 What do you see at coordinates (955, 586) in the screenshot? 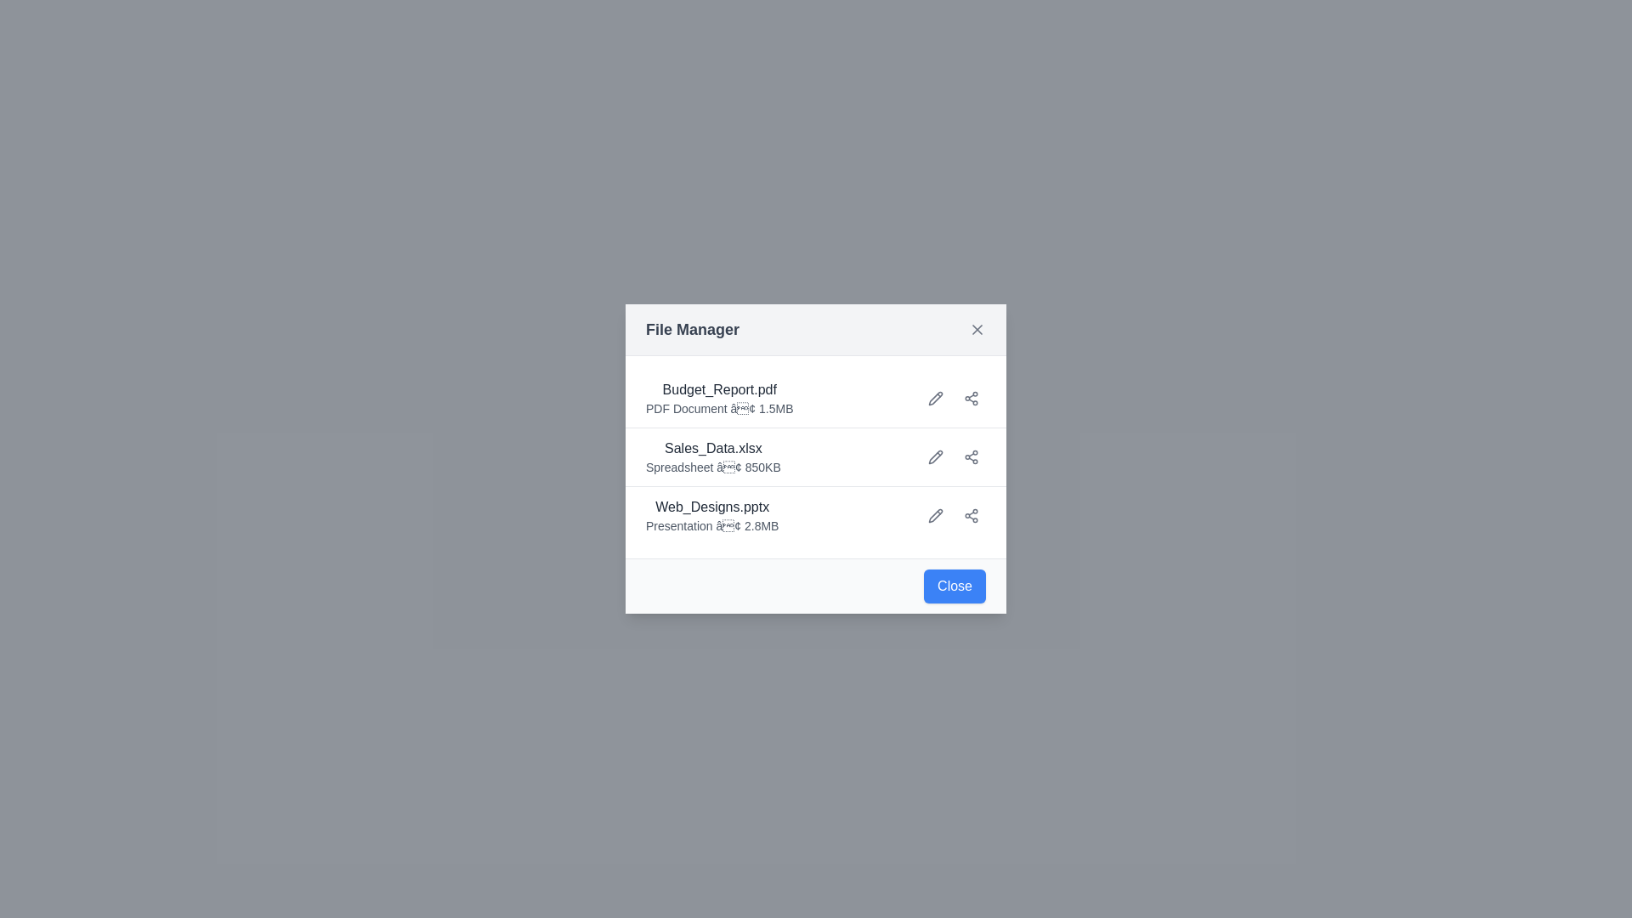
I see `'Close' button in the footer of the FileManagerDialog` at bounding box center [955, 586].